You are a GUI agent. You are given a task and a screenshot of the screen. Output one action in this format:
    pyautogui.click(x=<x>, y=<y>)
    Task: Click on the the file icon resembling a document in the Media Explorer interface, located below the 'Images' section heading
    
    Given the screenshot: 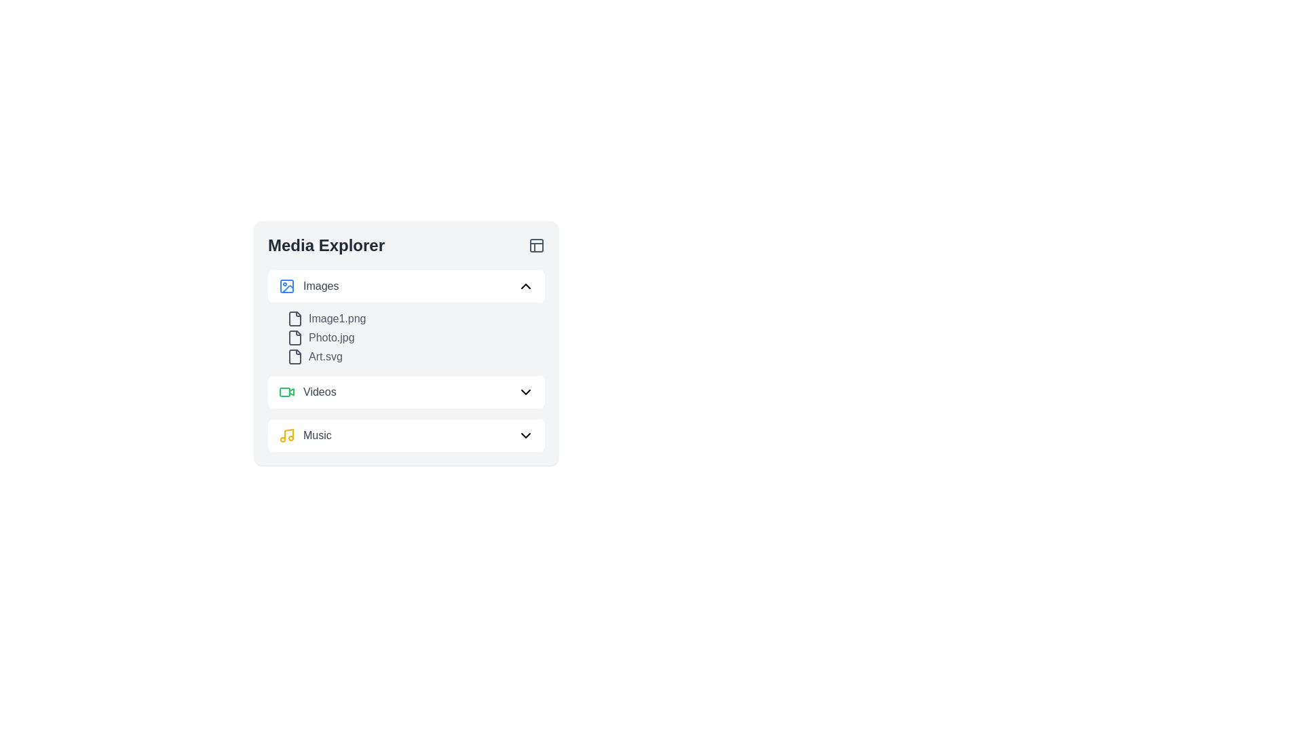 What is the action you would take?
    pyautogui.click(x=295, y=319)
    